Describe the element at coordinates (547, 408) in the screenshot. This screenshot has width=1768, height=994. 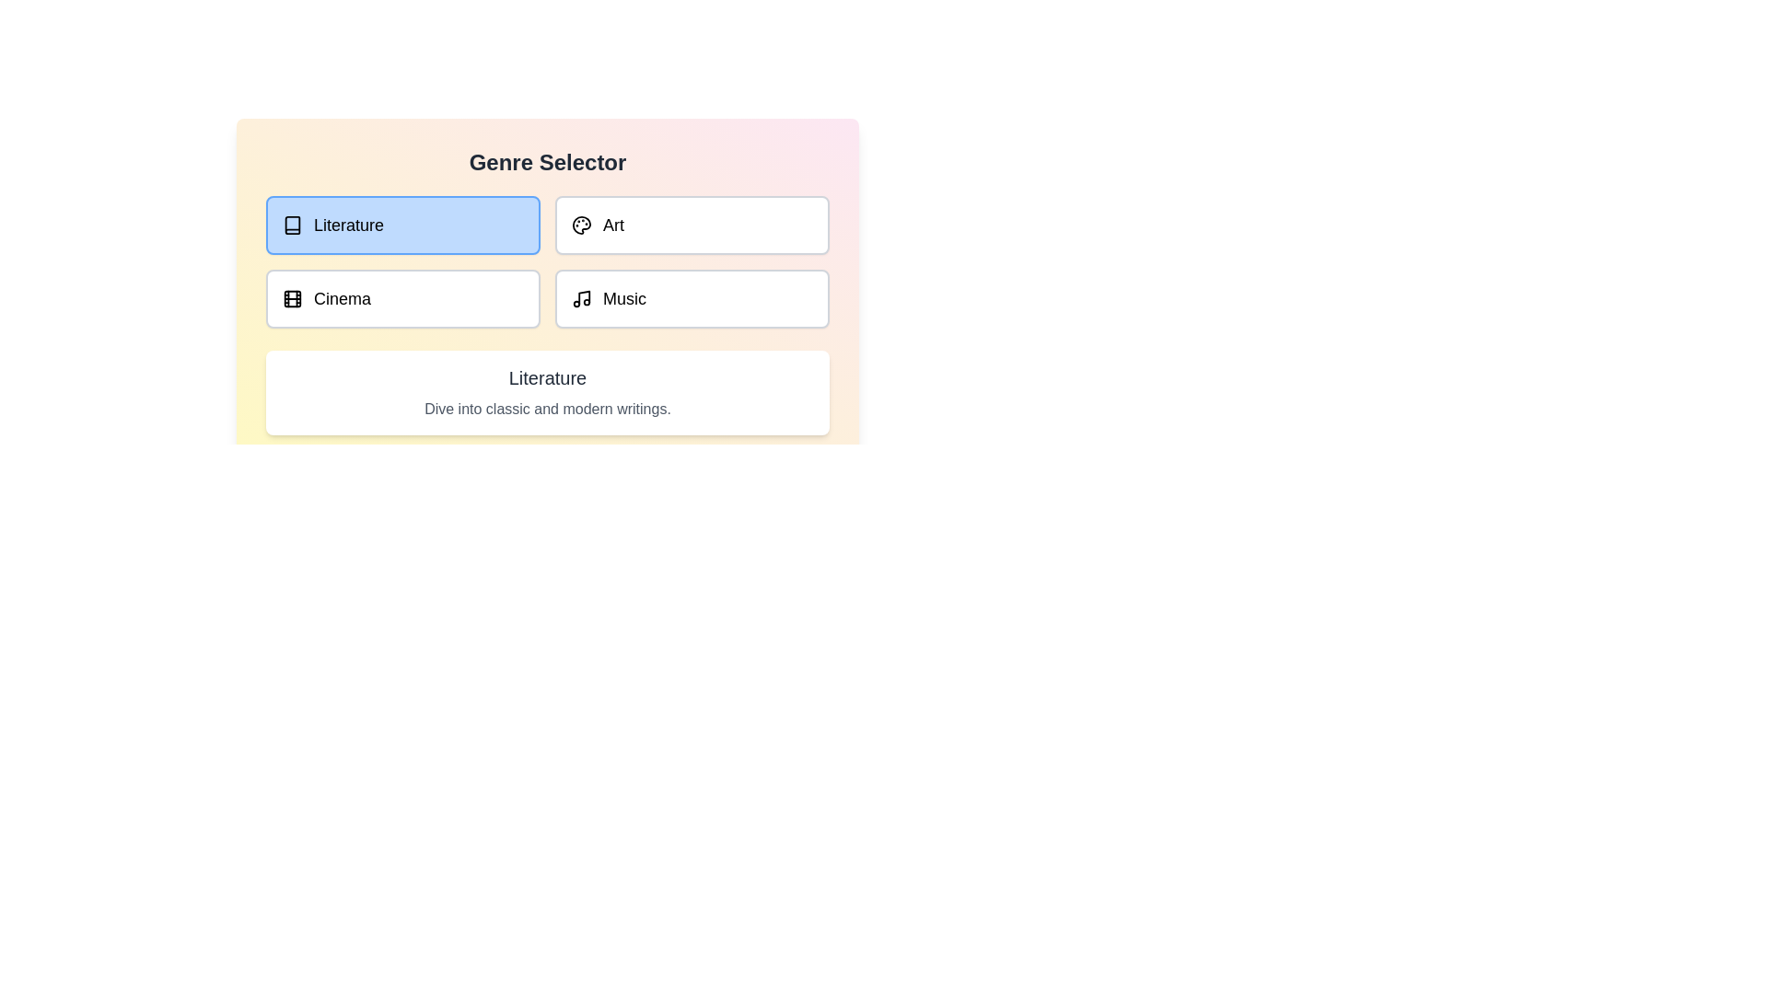
I see `the subtitle text providing supplementary description for the 'Literature' category, located below the bold 'Literature' heading in the card component` at that location.